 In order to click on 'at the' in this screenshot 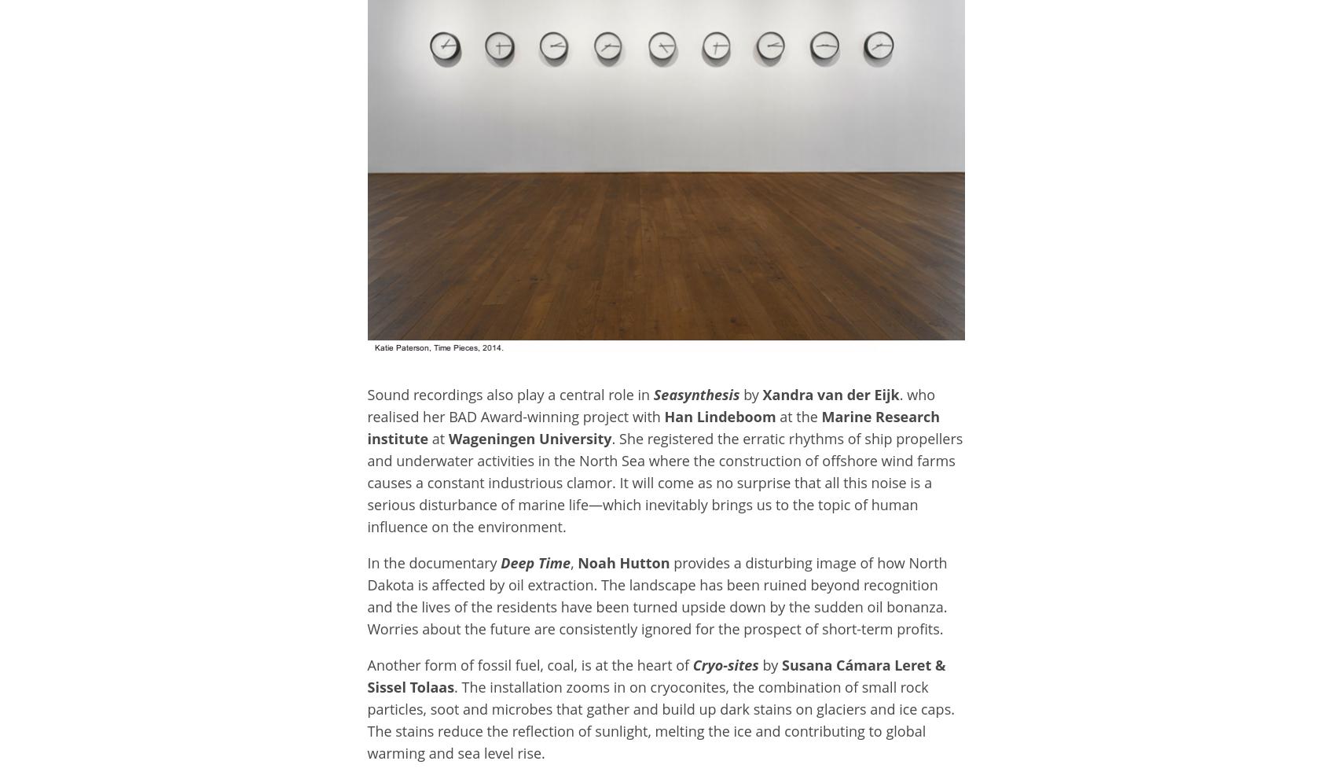, I will do `click(779, 415)`.